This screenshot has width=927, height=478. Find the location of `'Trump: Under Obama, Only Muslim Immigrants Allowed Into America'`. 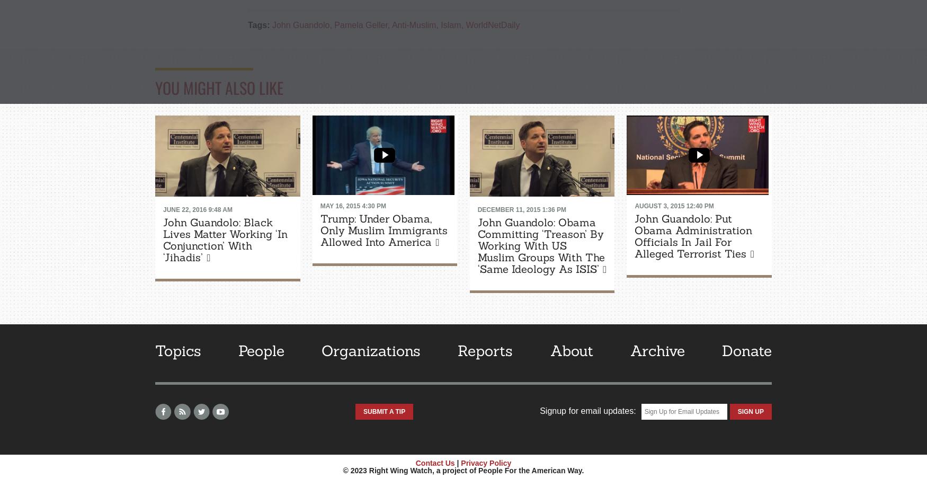

'Trump: Under Obama, Only Muslim Immigrants Allowed Into America' is located at coordinates (383, 230).